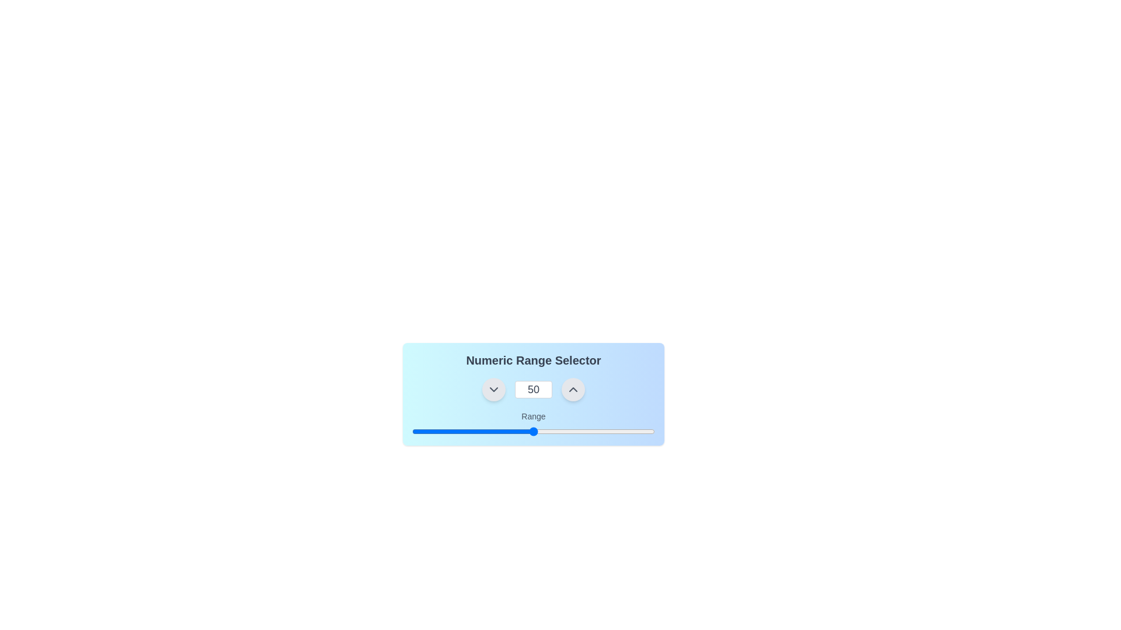 The height and width of the screenshot is (630, 1121). Describe the element at coordinates (499, 432) in the screenshot. I see `range` at that location.